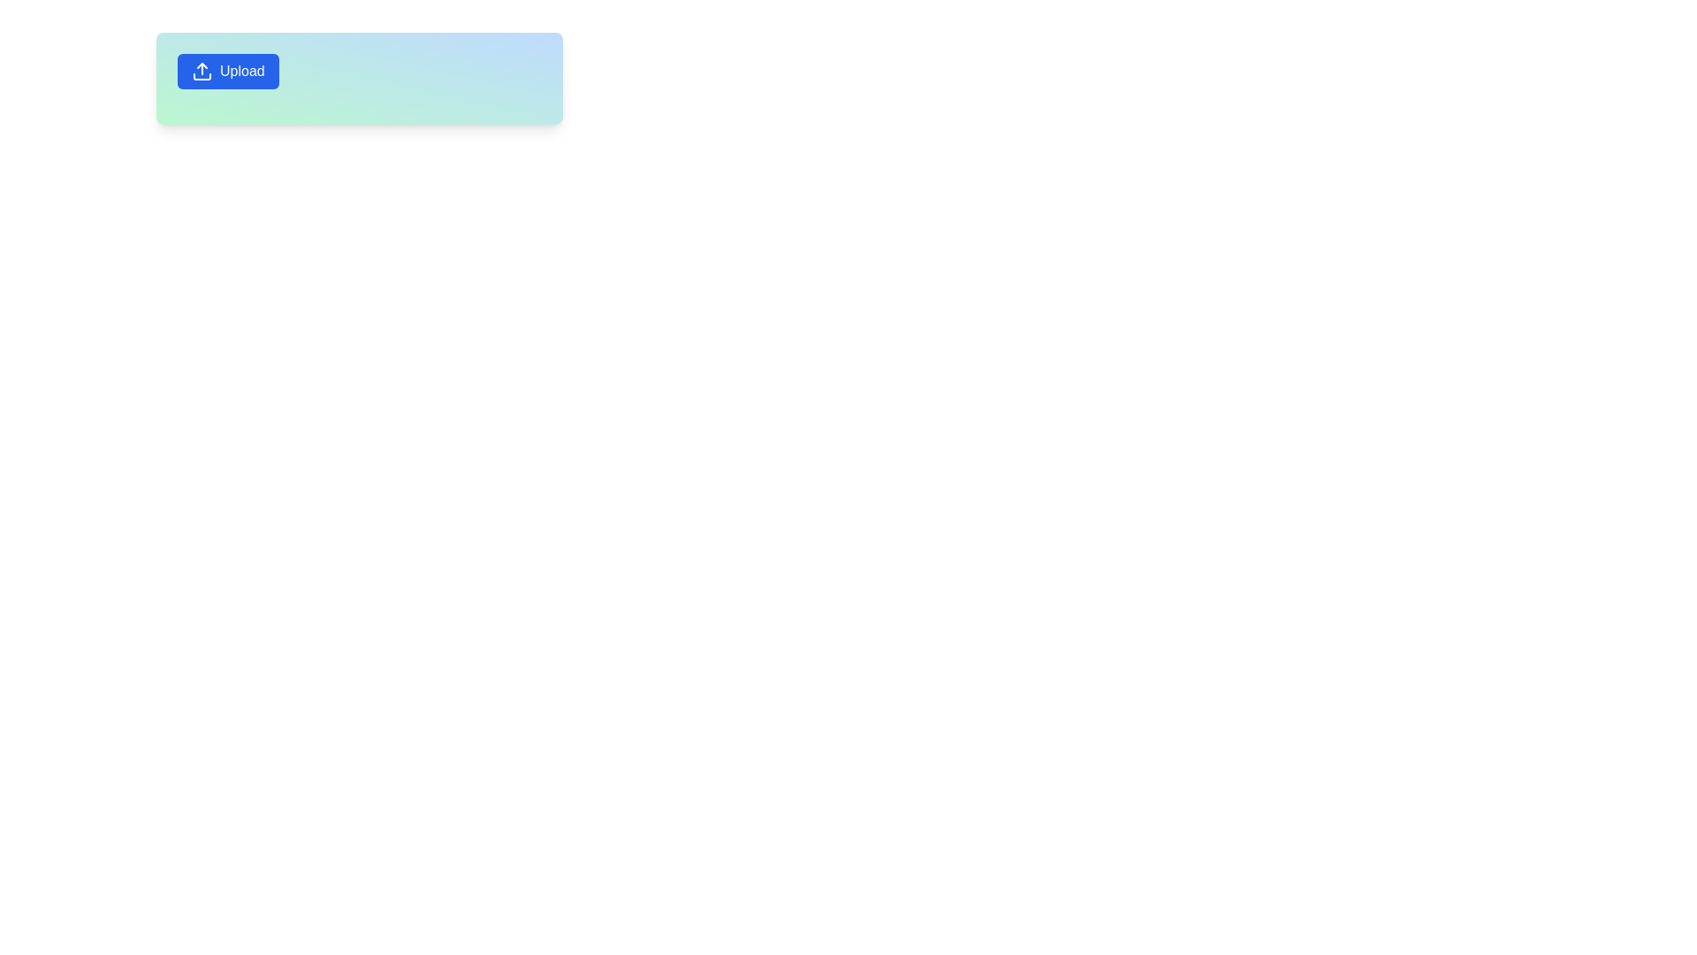  What do you see at coordinates (202, 71) in the screenshot?
I see `the upload icon located to the left of the 'Upload' button, which visually represents the upload functionality` at bounding box center [202, 71].